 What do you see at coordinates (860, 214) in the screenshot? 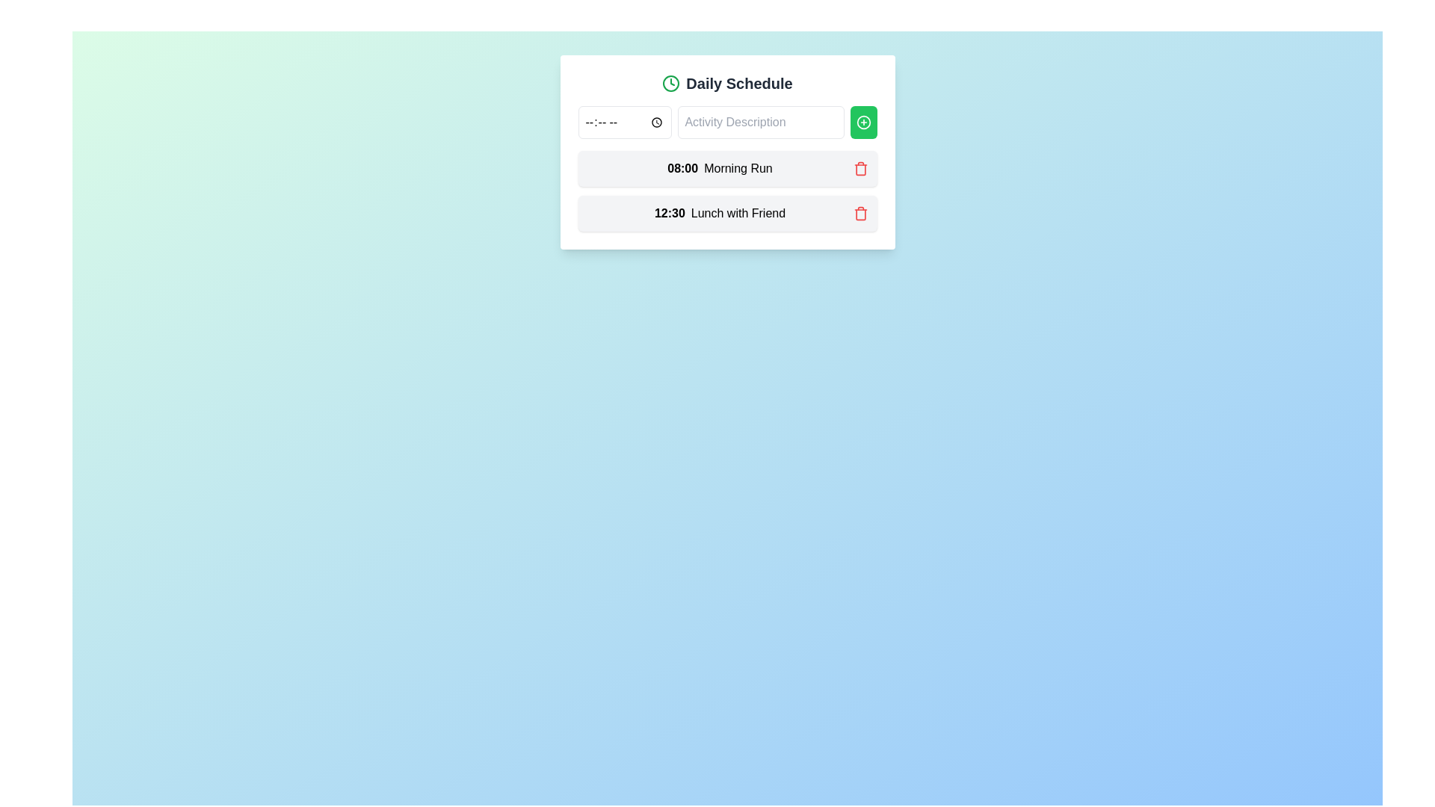
I see `the trash can icon element used for deleting the '08:00 Morning Run' task in the scheduled task list` at bounding box center [860, 214].